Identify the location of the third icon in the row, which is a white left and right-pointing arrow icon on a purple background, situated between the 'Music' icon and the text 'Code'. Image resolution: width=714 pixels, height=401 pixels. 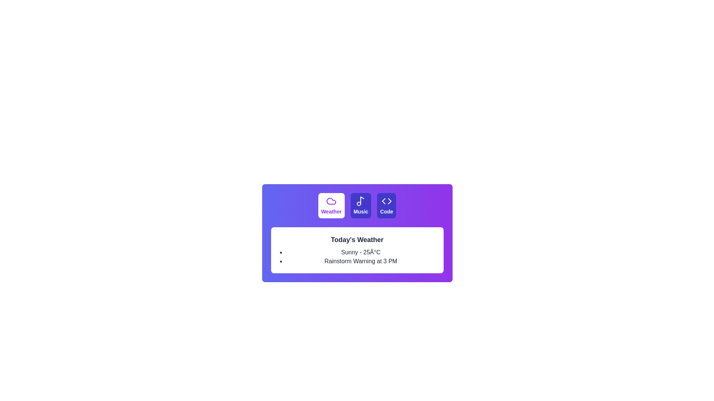
(386, 201).